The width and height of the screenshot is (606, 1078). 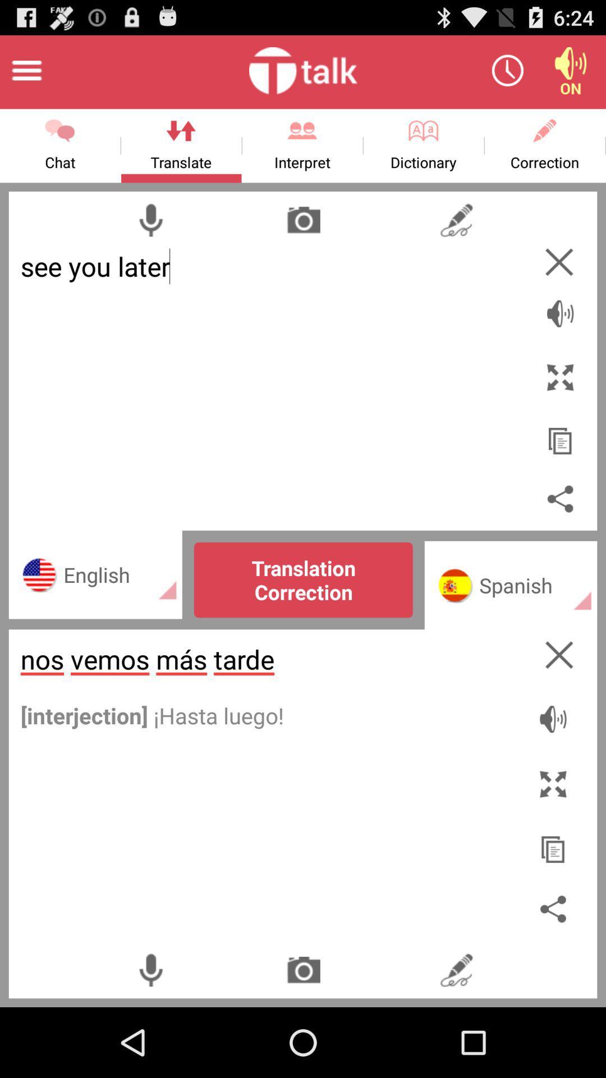 I want to click on the copy icon, so click(x=555, y=899).